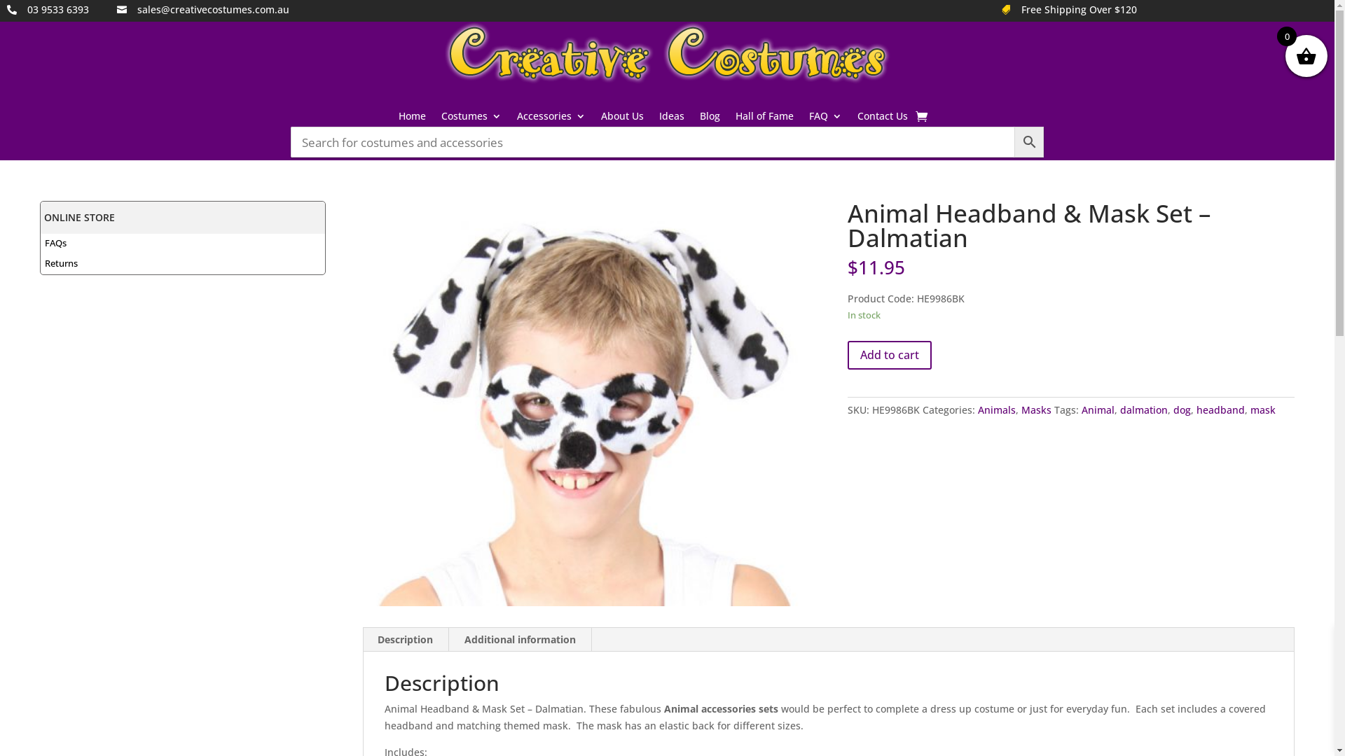 The height and width of the screenshot is (756, 1345). What do you see at coordinates (471, 118) in the screenshot?
I see `'Costumes'` at bounding box center [471, 118].